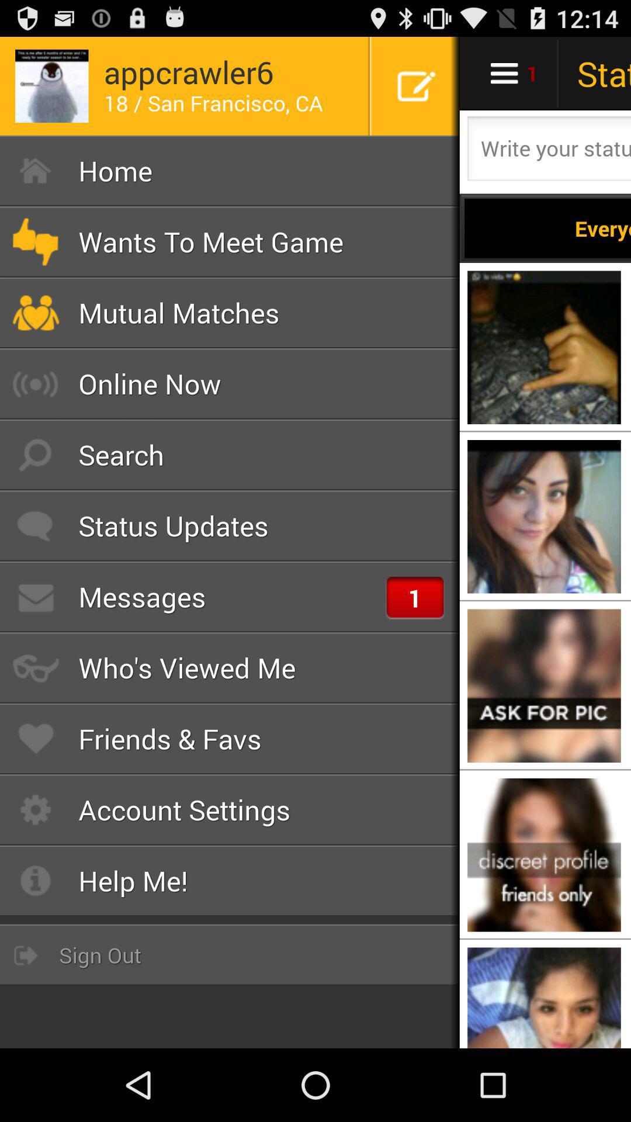  Describe the element at coordinates (230, 597) in the screenshot. I see `item below the status updates icon` at that location.